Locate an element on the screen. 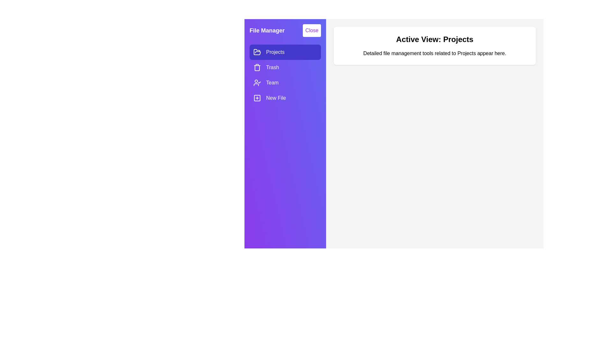 This screenshot has height=344, width=612. the item Projects in the drawer is located at coordinates (285, 52).